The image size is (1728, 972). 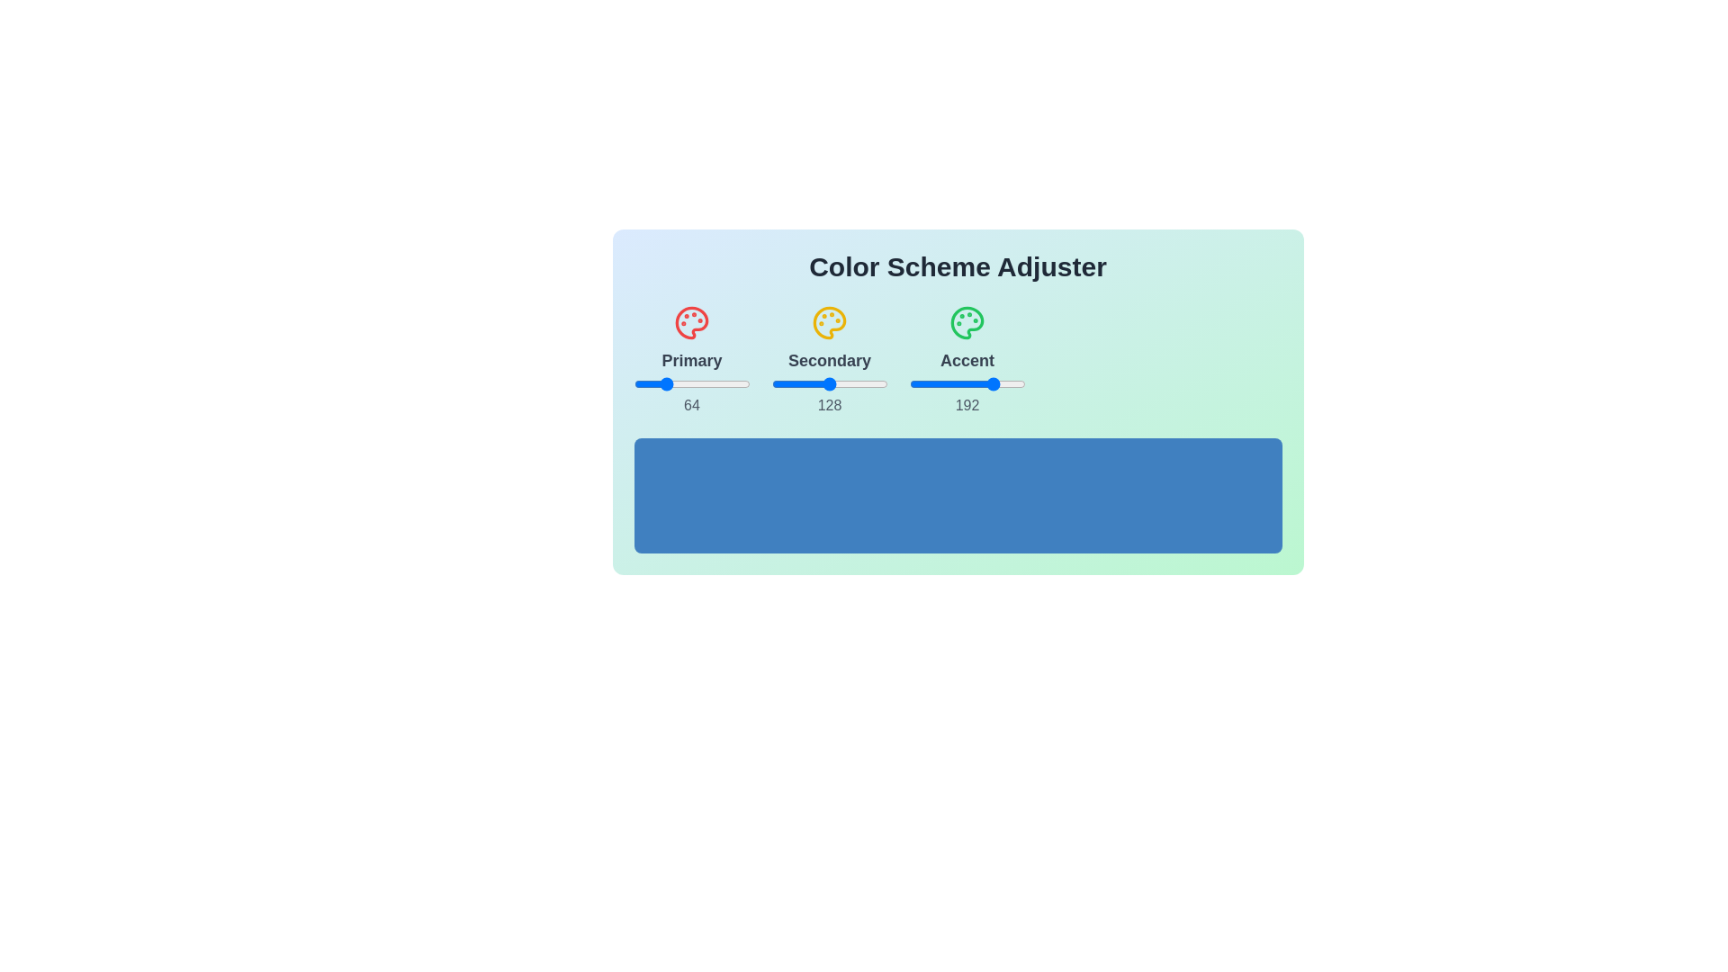 What do you see at coordinates (793, 383) in the screenshot?
I see `the 0 slider to 225` at bounding box center [793, 383].